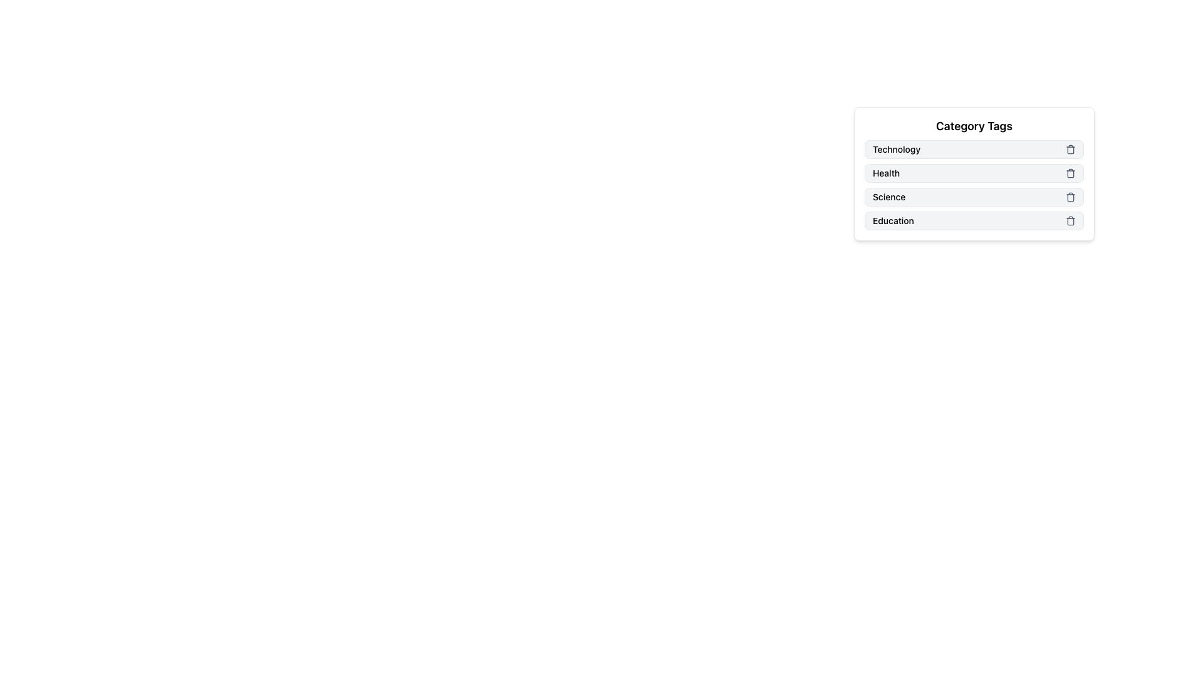 The height and width of the screenshot is (676, 1203). I want to click on the trash can icon next to the 'Science' category, so click(1070, 197).